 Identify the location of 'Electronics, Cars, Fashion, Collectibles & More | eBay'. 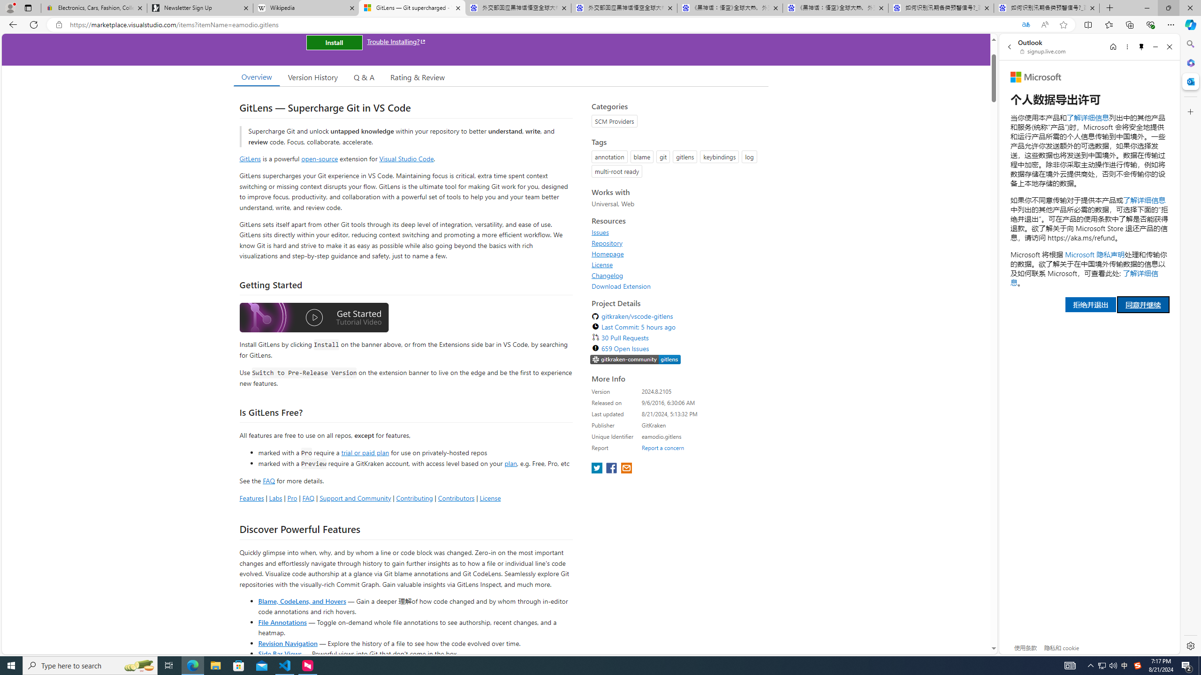
(93, 7).